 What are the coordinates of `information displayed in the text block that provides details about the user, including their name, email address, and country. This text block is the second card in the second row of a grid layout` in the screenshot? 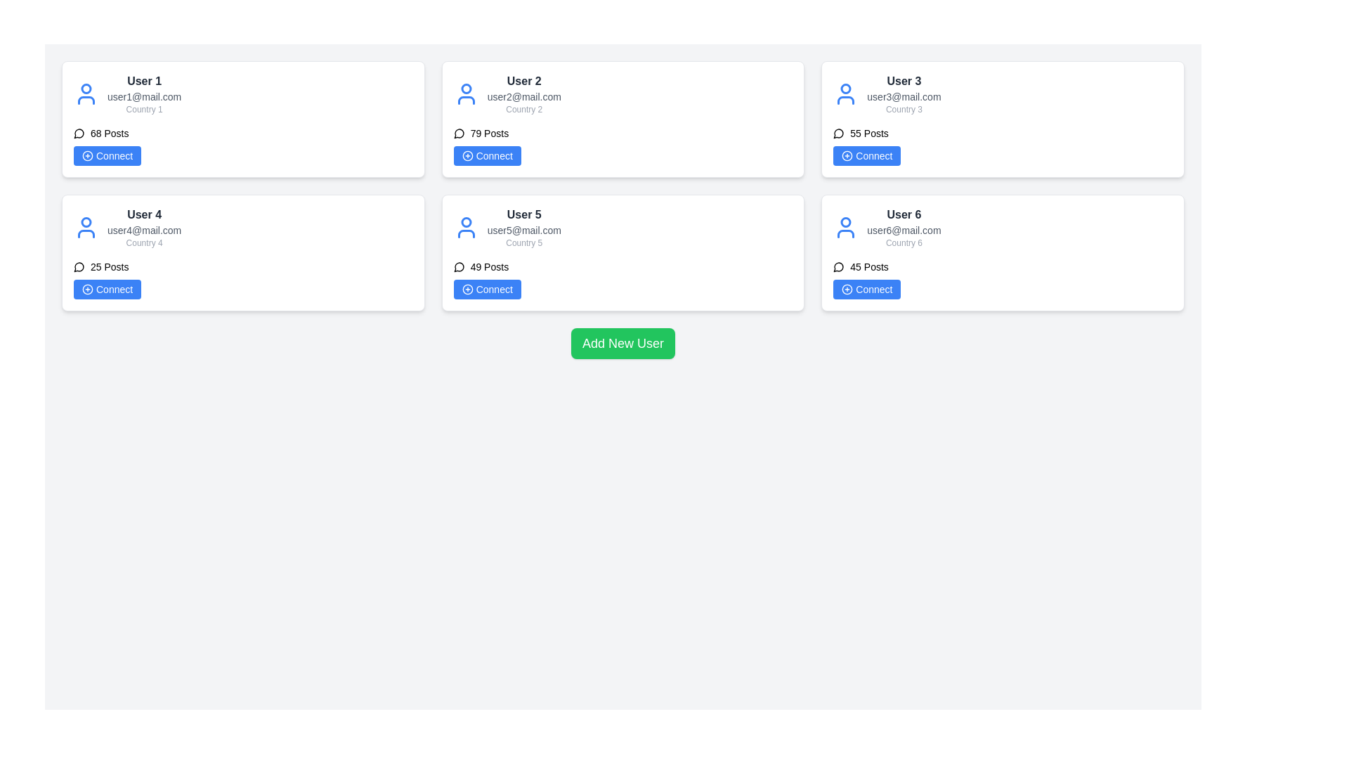 It's located at (144, 227).